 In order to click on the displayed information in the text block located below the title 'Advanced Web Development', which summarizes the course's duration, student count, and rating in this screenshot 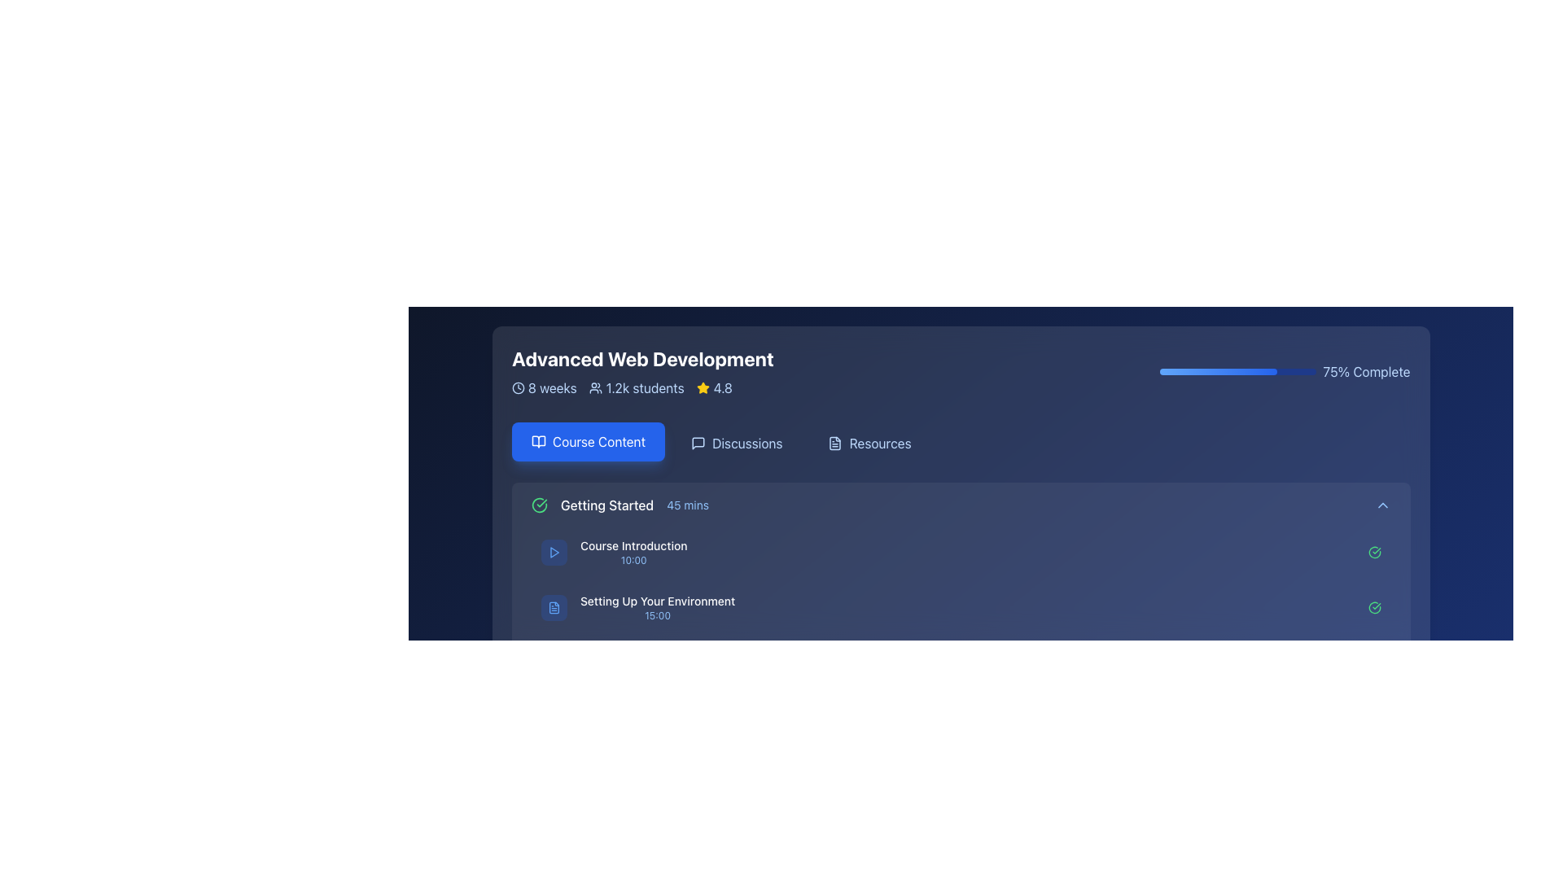, I will do `click(641, 388)`.